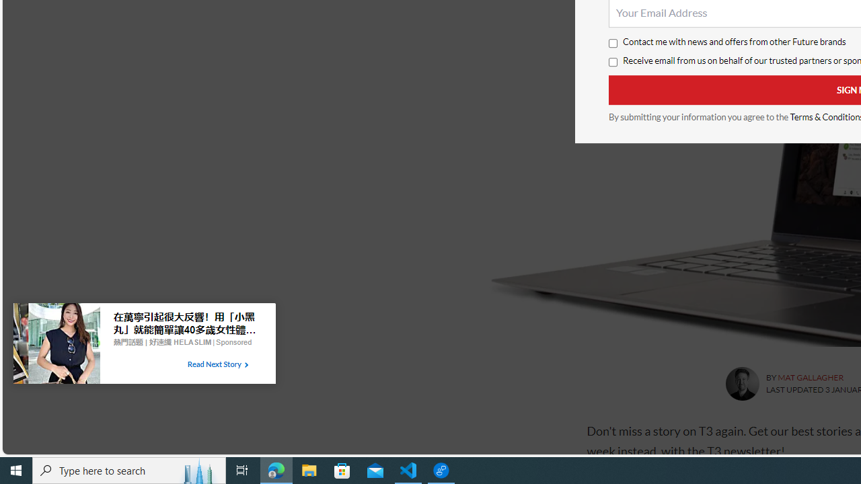 This screenshot has height=484, width=861. I want to click on 'Contact me with news and offers from other Future brands', so click(612, 43).